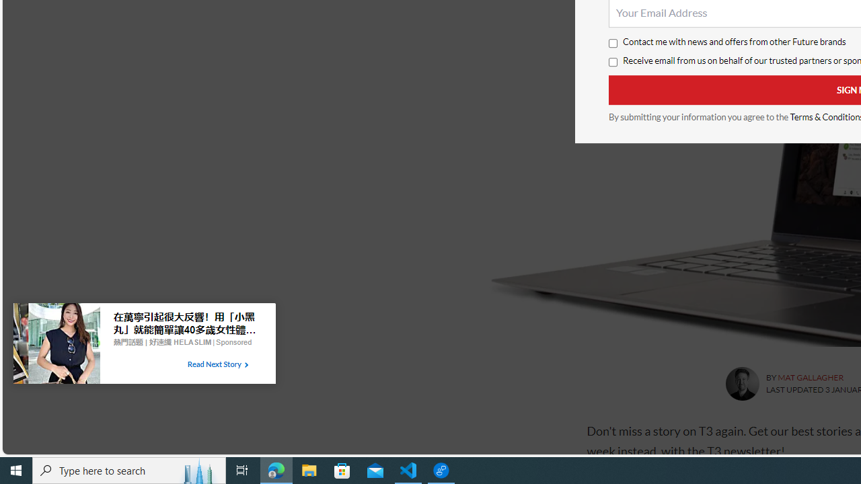 This screenshot has height=484, width=861. I want to click on 'Contact me with news and offers from other Future brands', so click(612, 43).